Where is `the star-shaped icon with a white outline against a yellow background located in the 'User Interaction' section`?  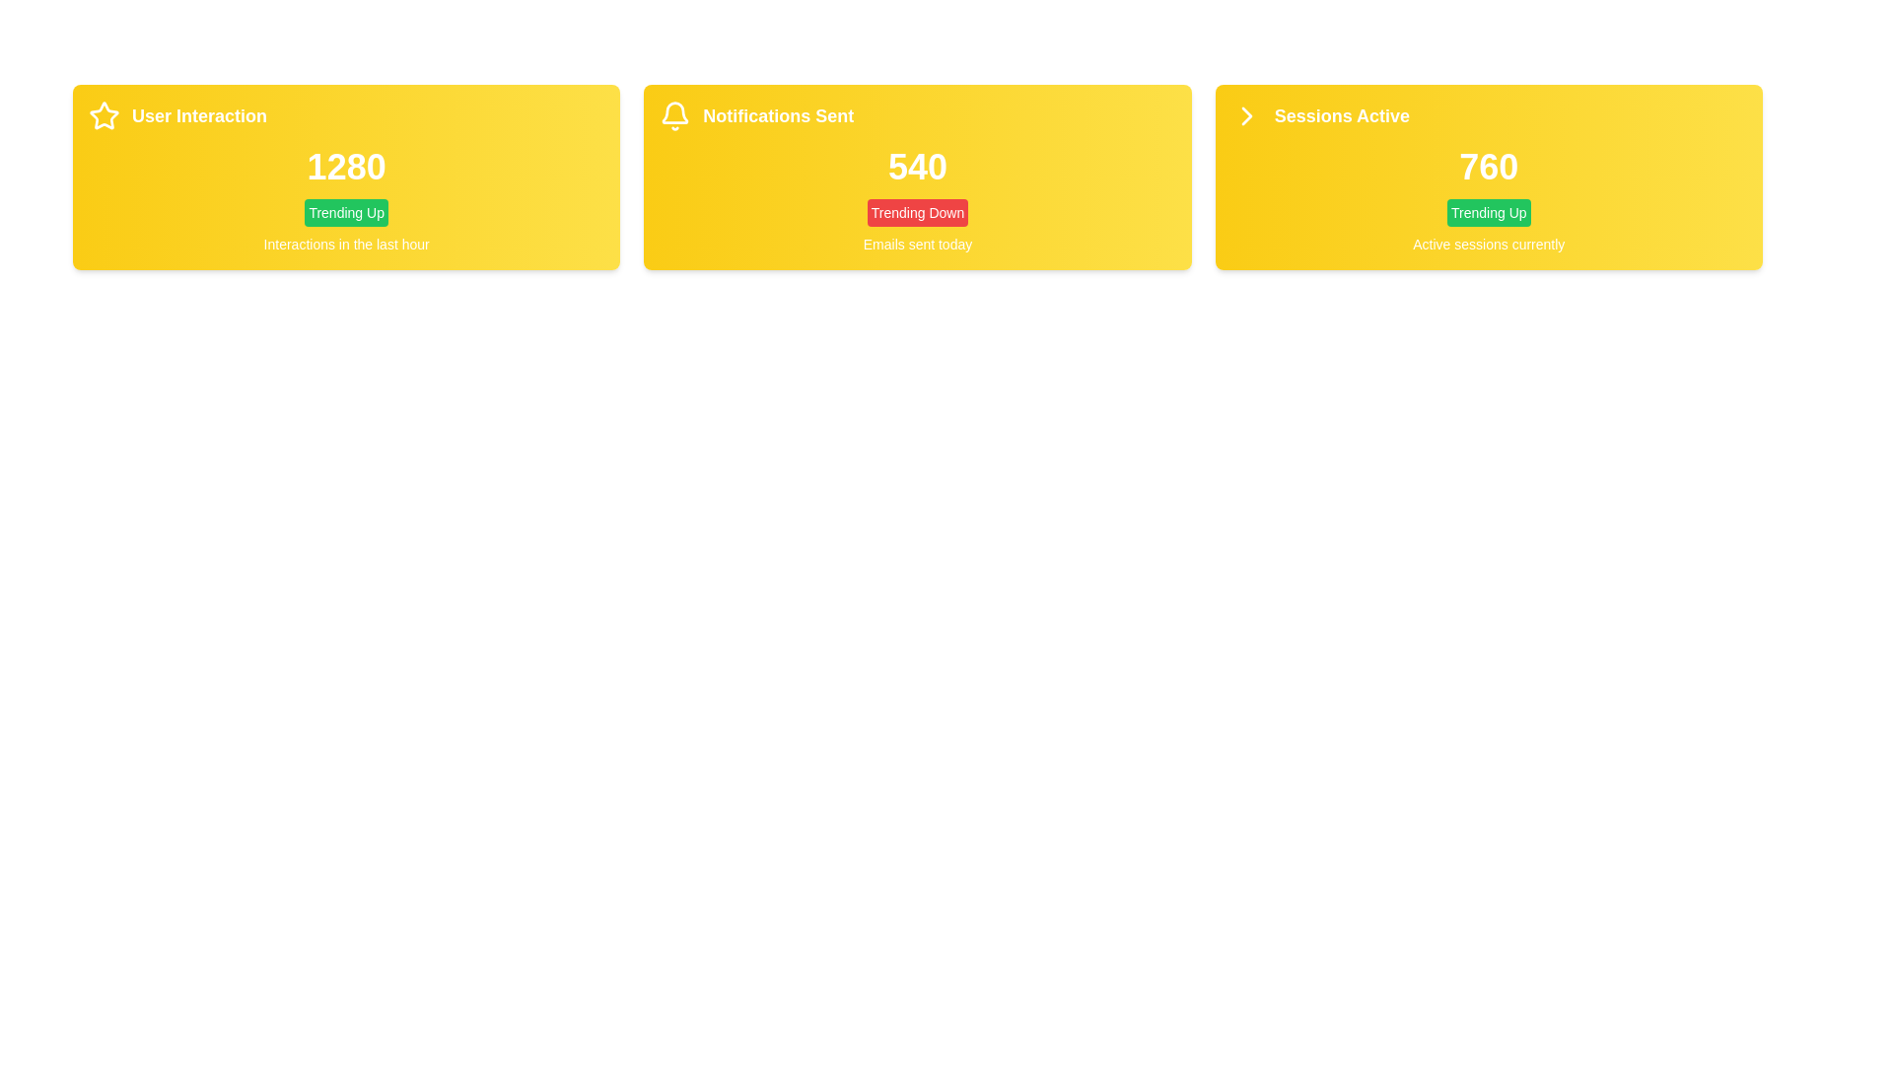
the star-shaped icon with a white outline against a yellow background located in the 'User Interaction' section is located at coordinates (103, 116).